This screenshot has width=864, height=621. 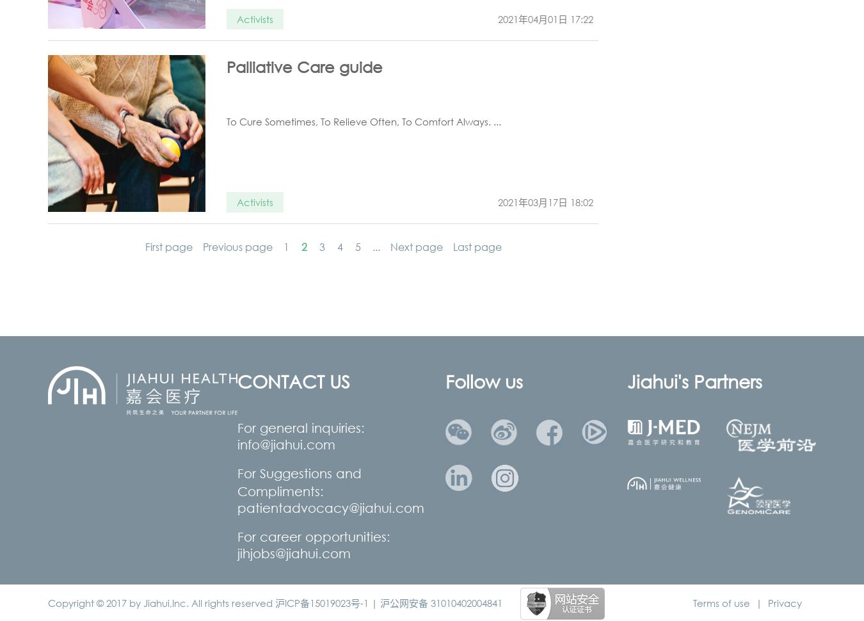 I want to click on '沪ICP备15019023号-1', so click(x=275, y=602).